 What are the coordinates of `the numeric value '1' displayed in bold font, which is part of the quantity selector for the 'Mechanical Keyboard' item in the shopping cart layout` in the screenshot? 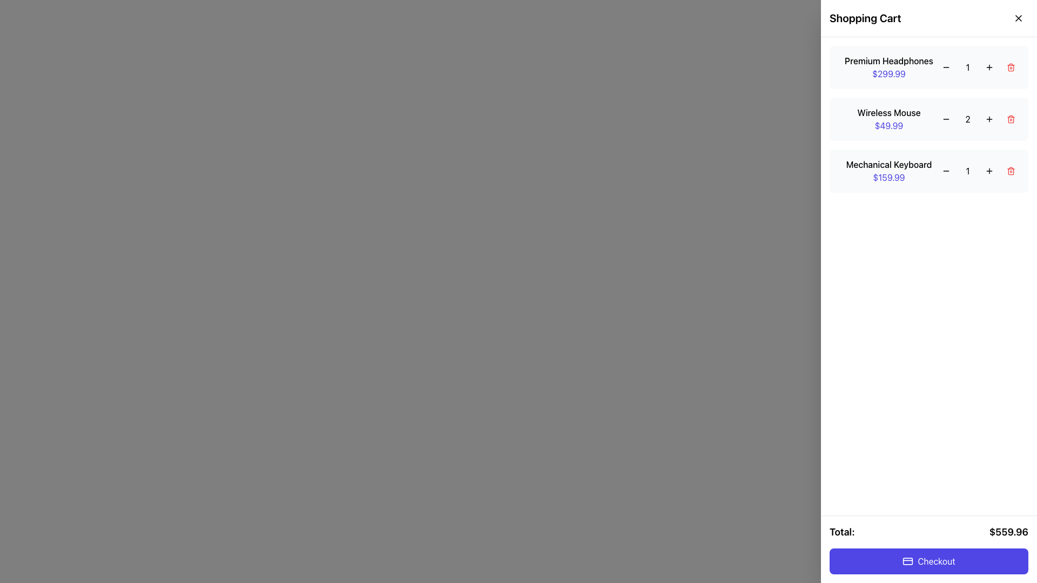 It's located at (980, 170).